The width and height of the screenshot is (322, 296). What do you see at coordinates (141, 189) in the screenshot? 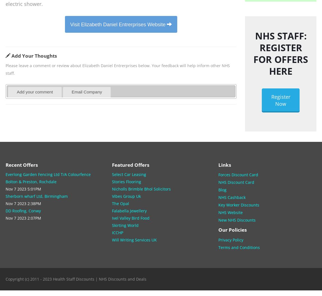
I see `'Nicholls Brimble Bhol Solicitors'` at bounding box center [141, 189].